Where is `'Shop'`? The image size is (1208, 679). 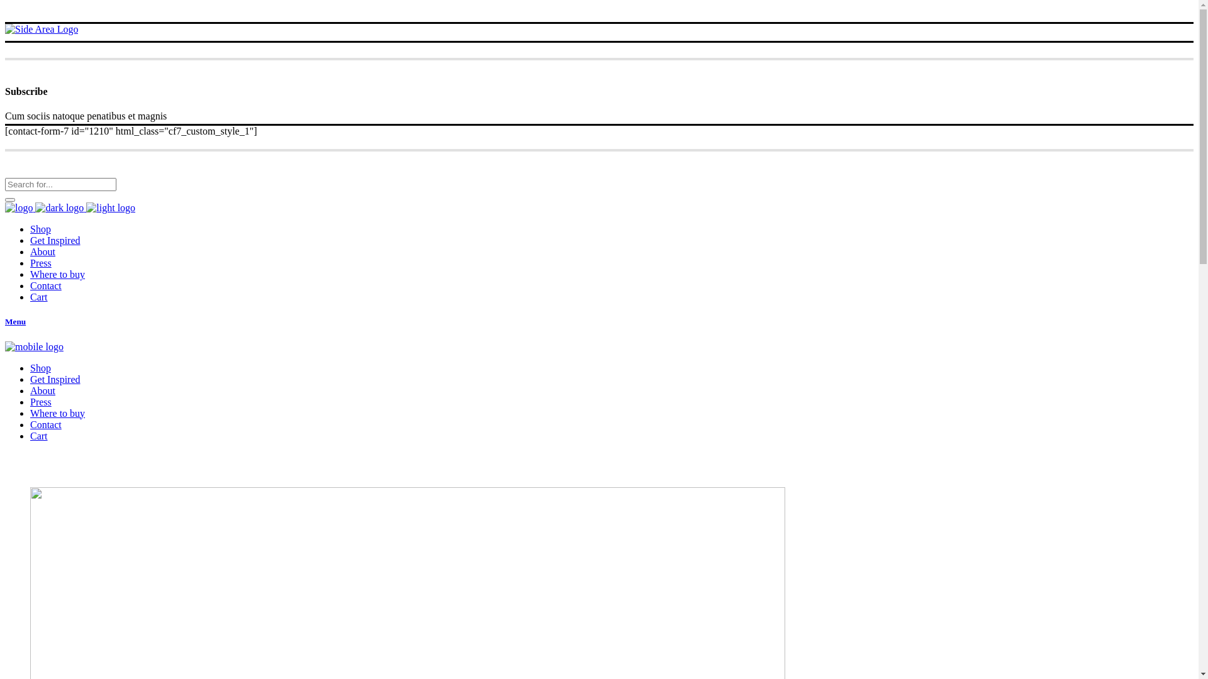
'Shop' is located at coordinates (40, 368).